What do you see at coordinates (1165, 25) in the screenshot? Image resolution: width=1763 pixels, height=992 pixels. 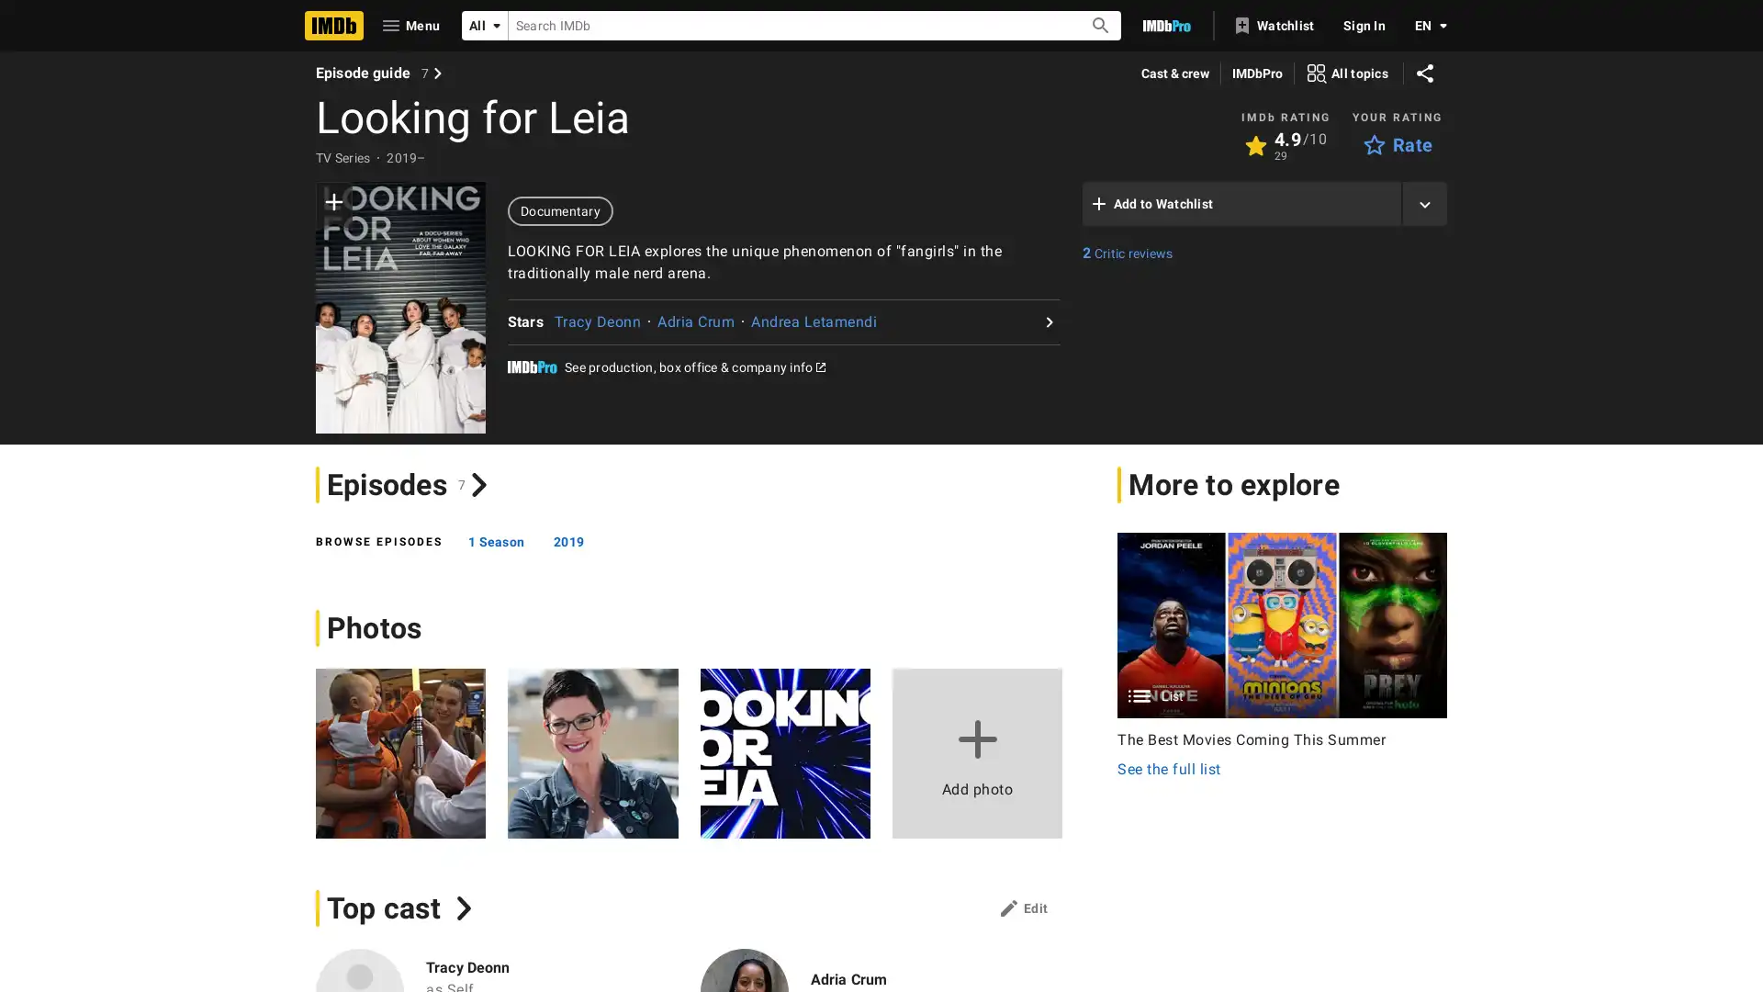 I see `Go To IMDb Pro` at bounding box center [1165, 25].